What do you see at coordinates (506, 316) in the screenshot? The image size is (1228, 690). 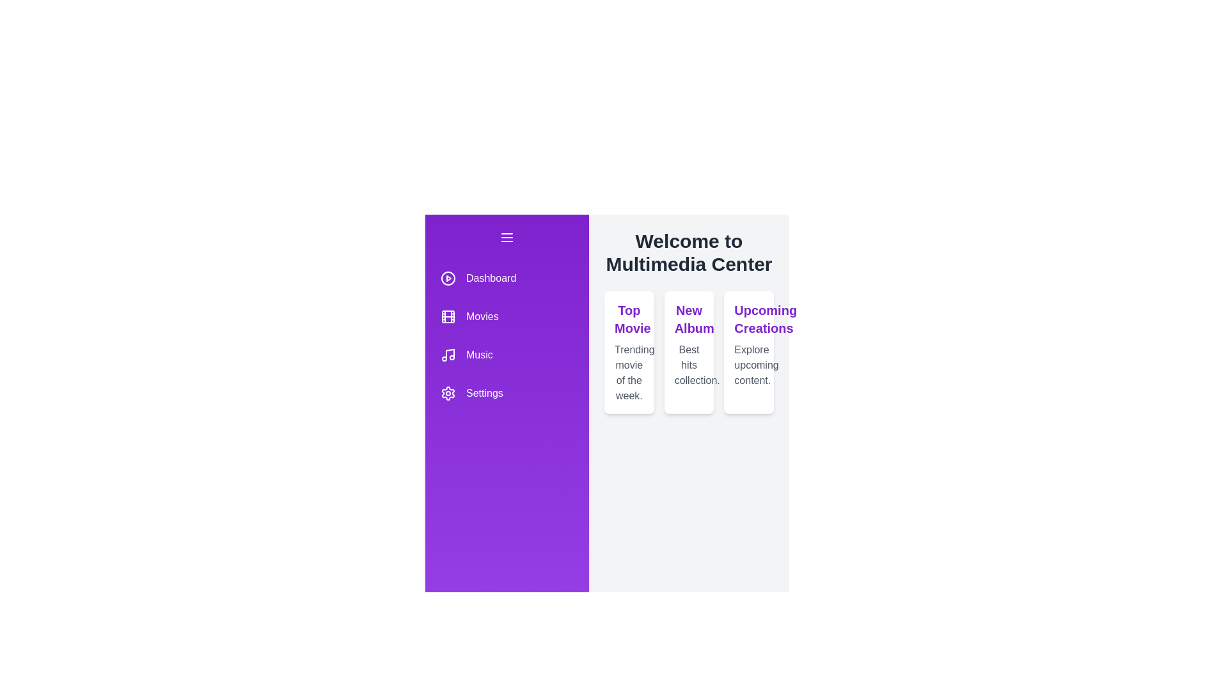 I see `the menu item Movies to select it` at bounding box center [506, 316].